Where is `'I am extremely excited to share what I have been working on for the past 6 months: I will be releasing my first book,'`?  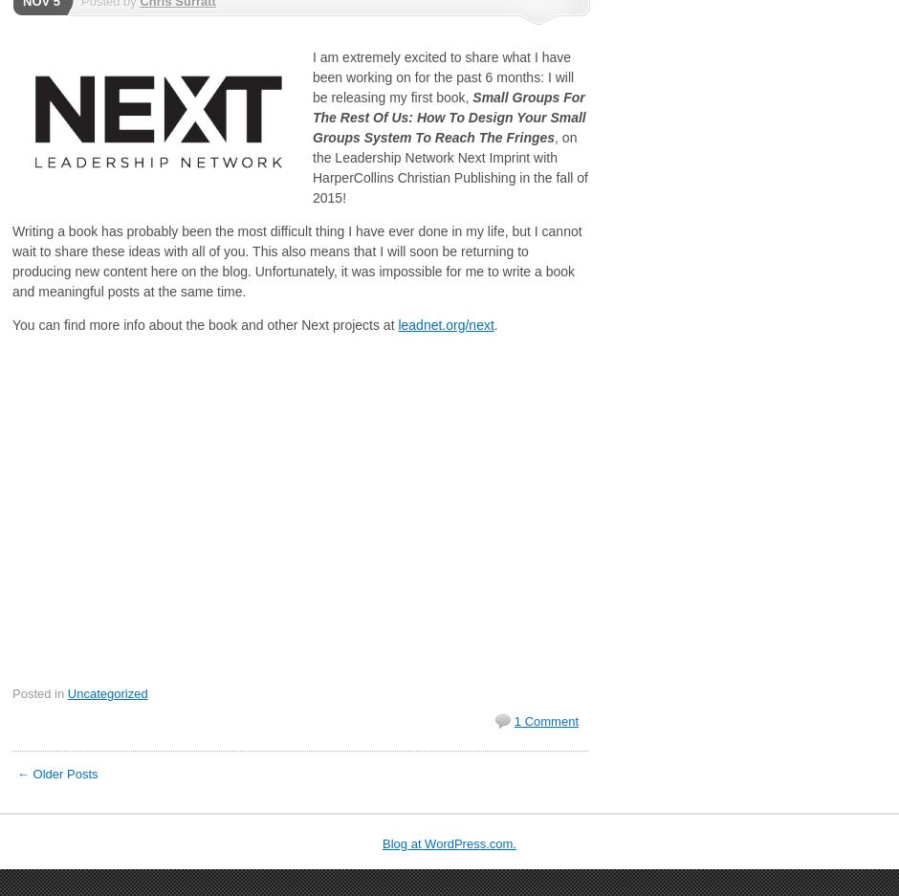
'I am extremely excited to share what I have been working on for the past 6 months: I will be releasing my first book,' is located at coordinates (442, 76).